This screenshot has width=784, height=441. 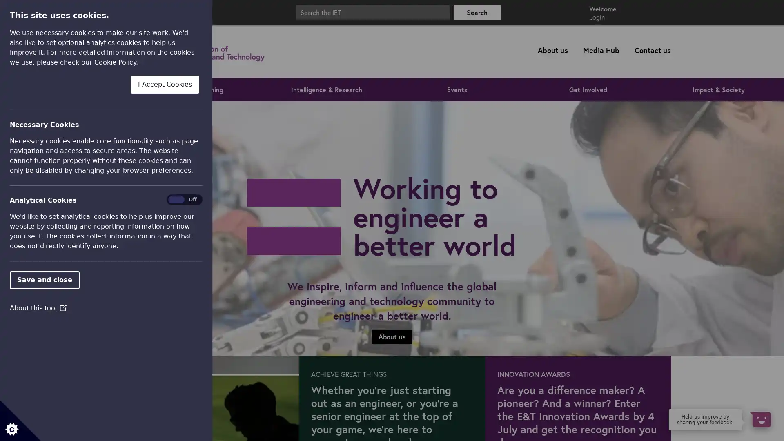 I want to click on Search, so click(x=477, y=12).